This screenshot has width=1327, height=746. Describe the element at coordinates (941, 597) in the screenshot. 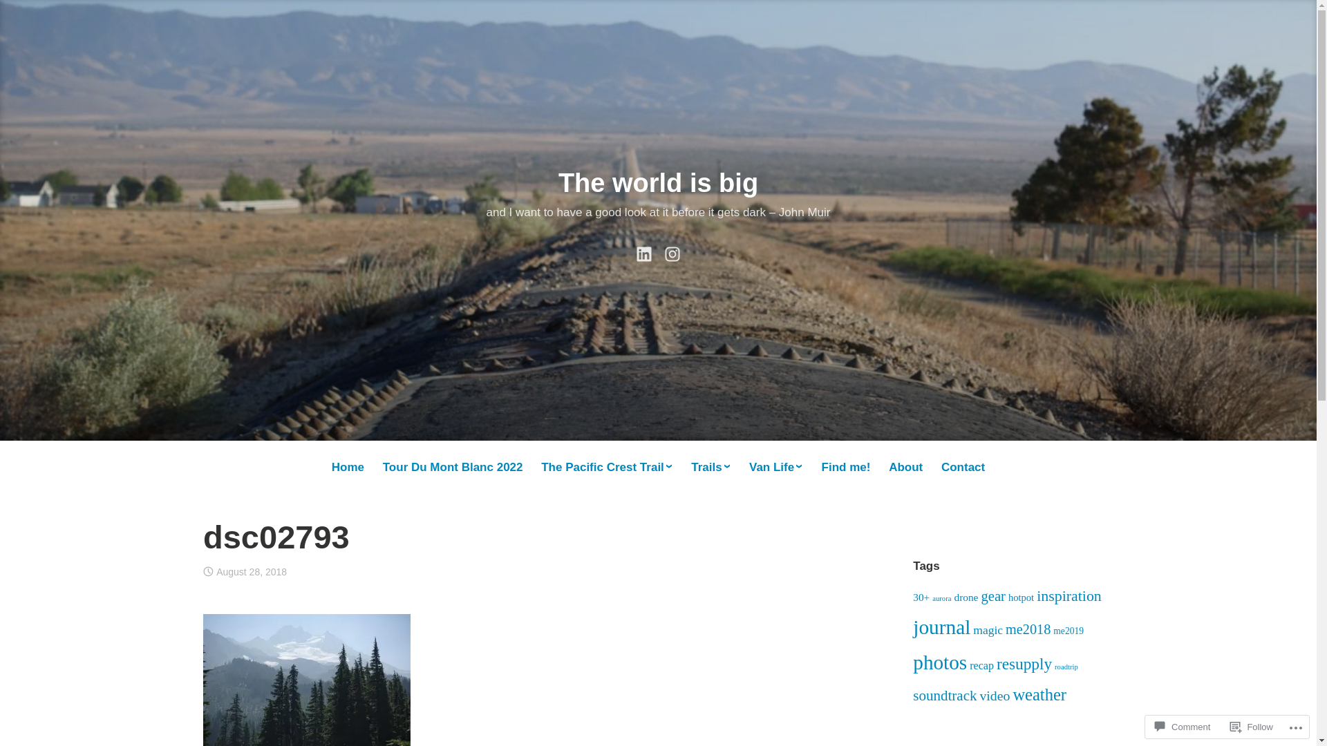

I see `'aurora'` at that location.